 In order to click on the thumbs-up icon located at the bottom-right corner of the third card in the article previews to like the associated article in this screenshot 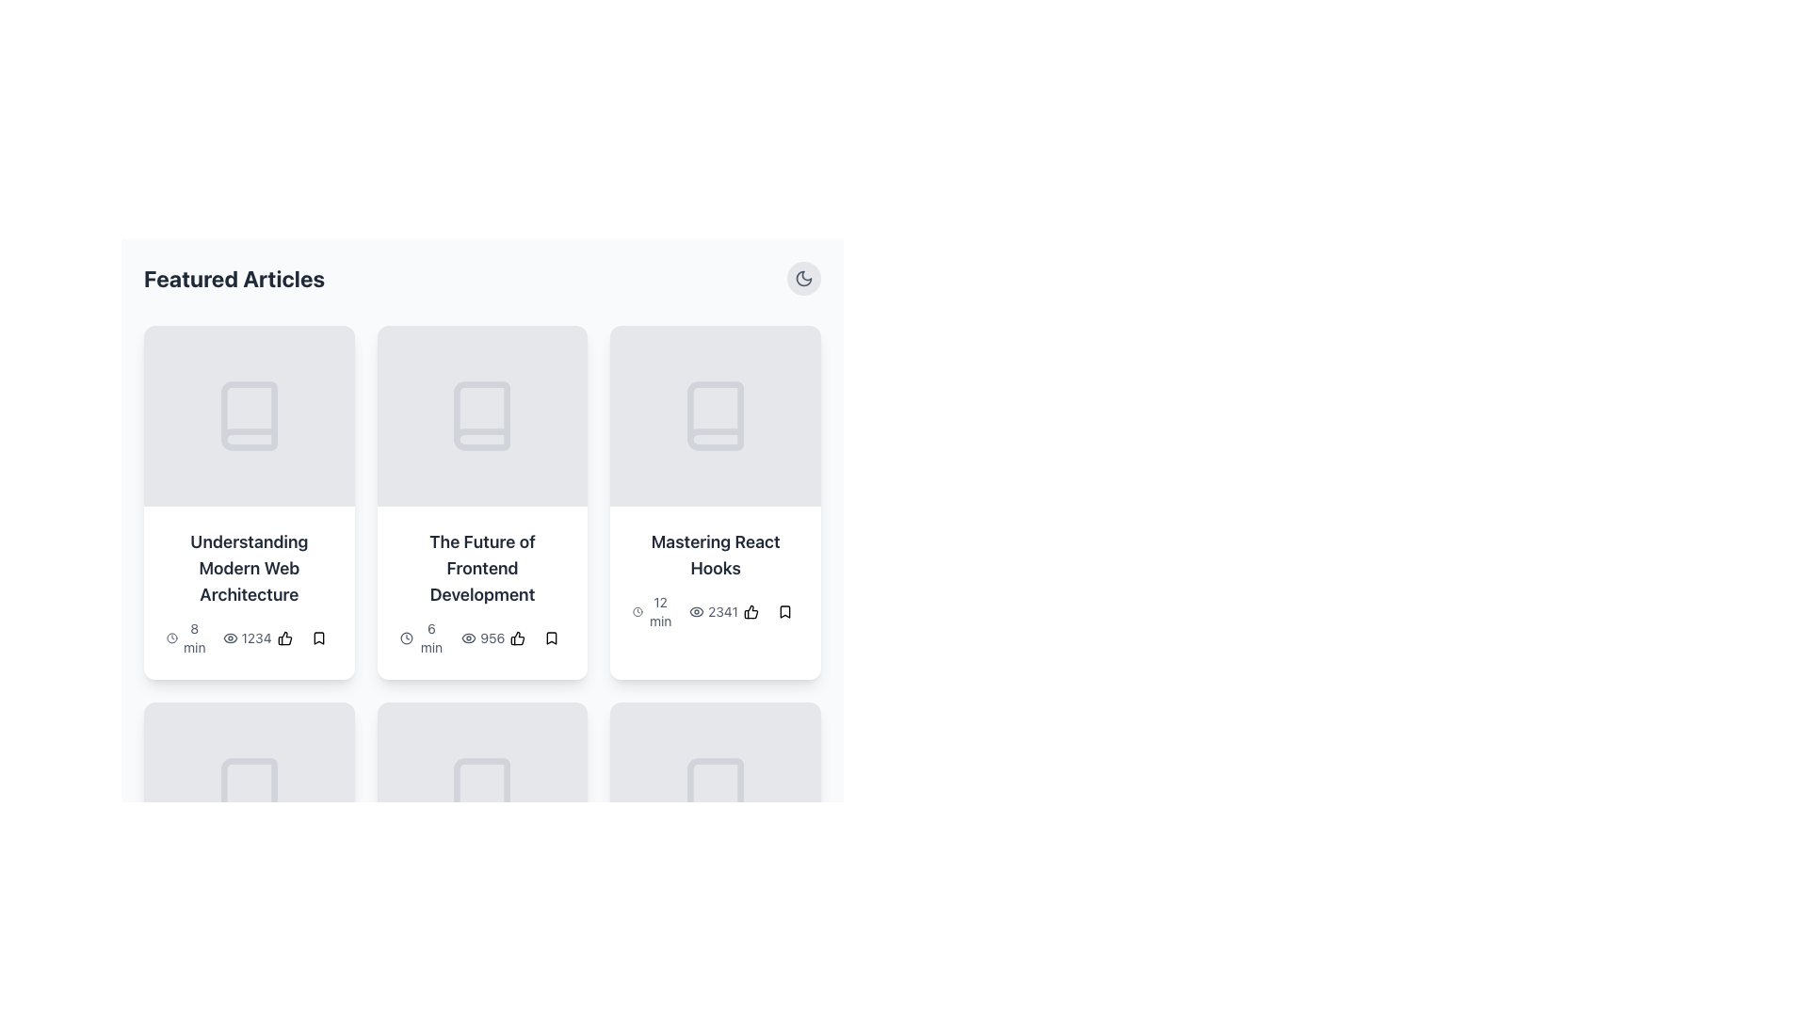, I will do `click(283, 638)`.